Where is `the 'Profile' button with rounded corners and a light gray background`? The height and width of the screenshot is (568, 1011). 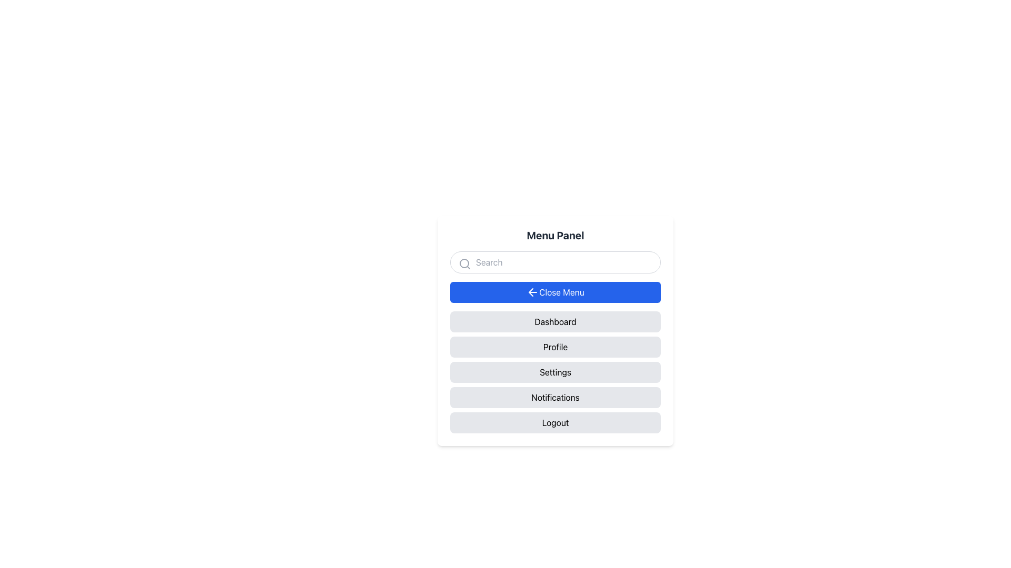
the 'Profile' button with rounded corners and a light gray background is located at coordinates (555, 347).